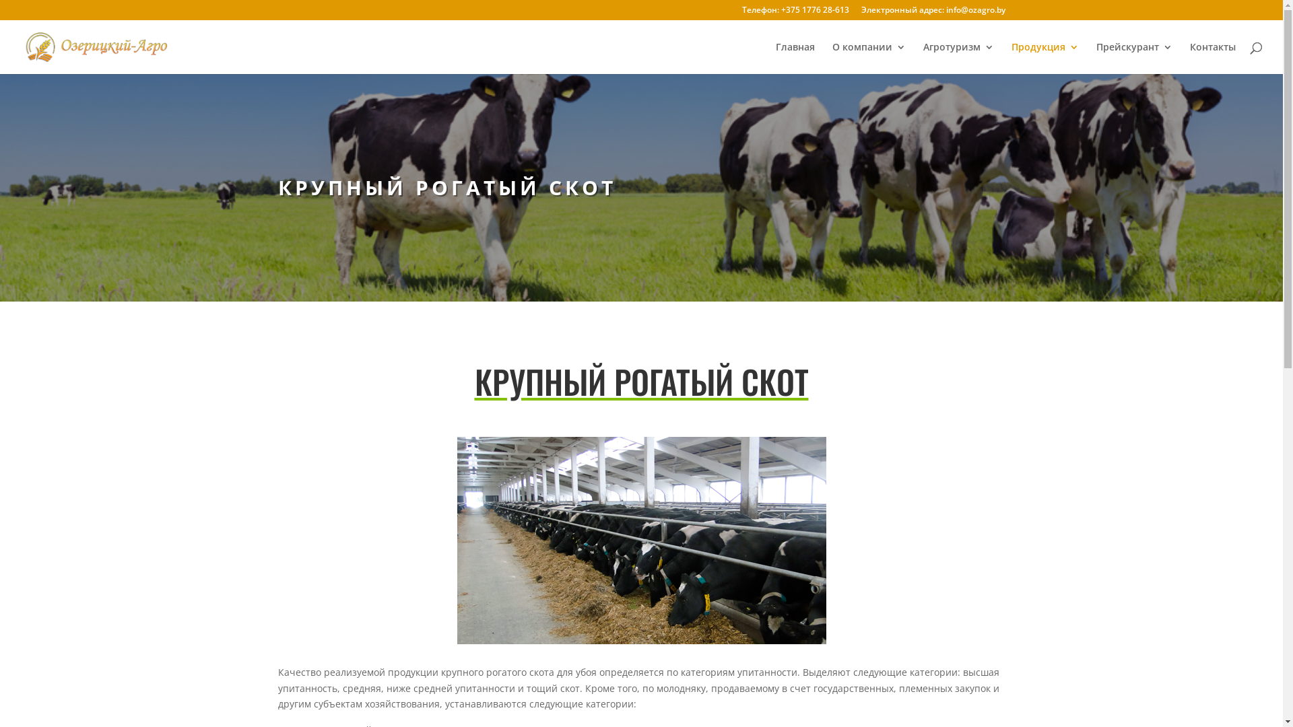  I want to click on 'cow2', so click(640, 539).